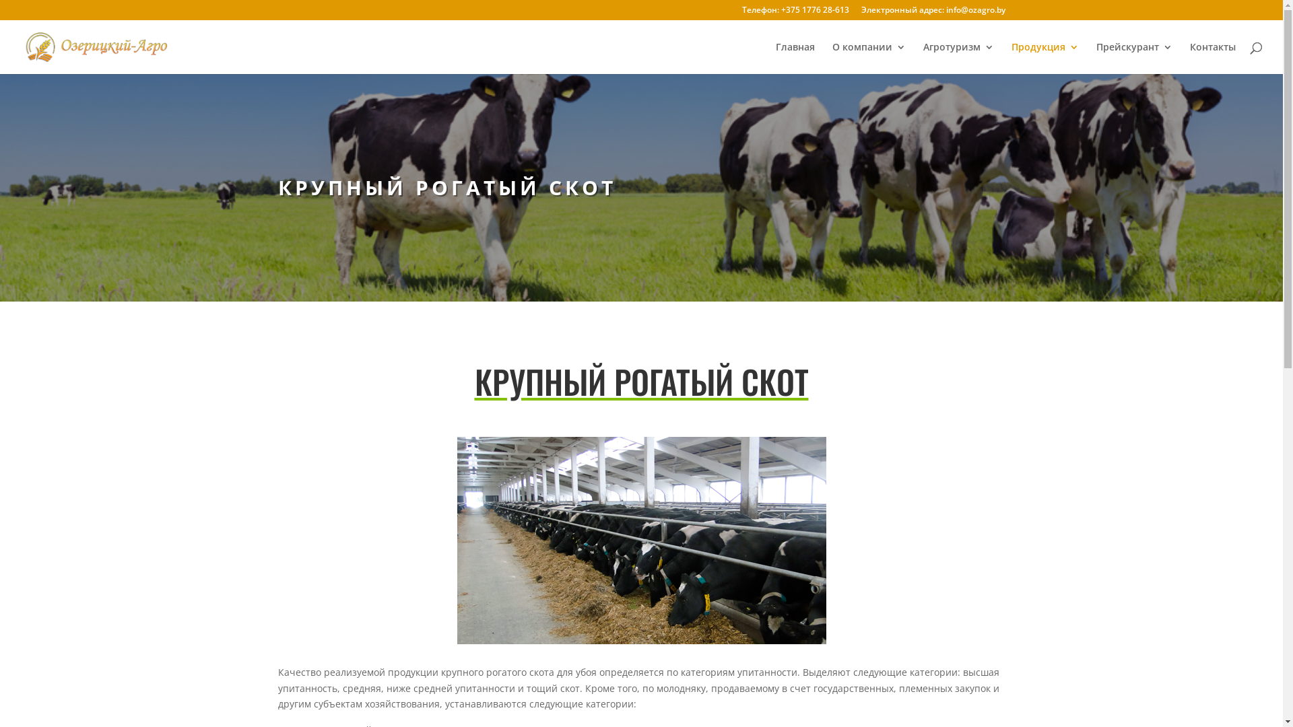  I want to click on 'cow2', so click(640, 539).